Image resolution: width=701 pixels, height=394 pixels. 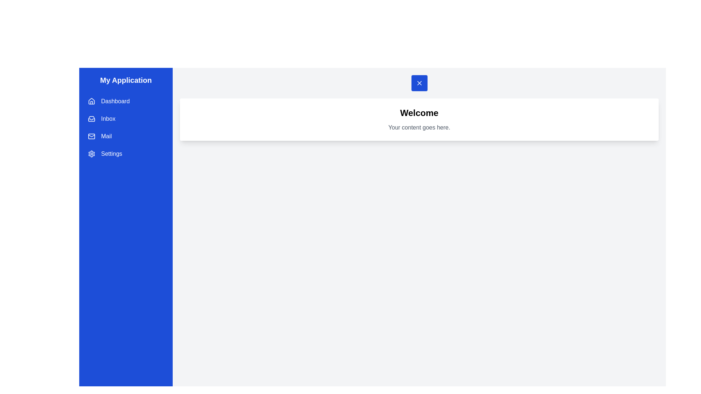 What do you see at coordinates (126, 136) in the screenshot?
I see `the menu item Mail from the drawer` at bounding box center [126, 136].